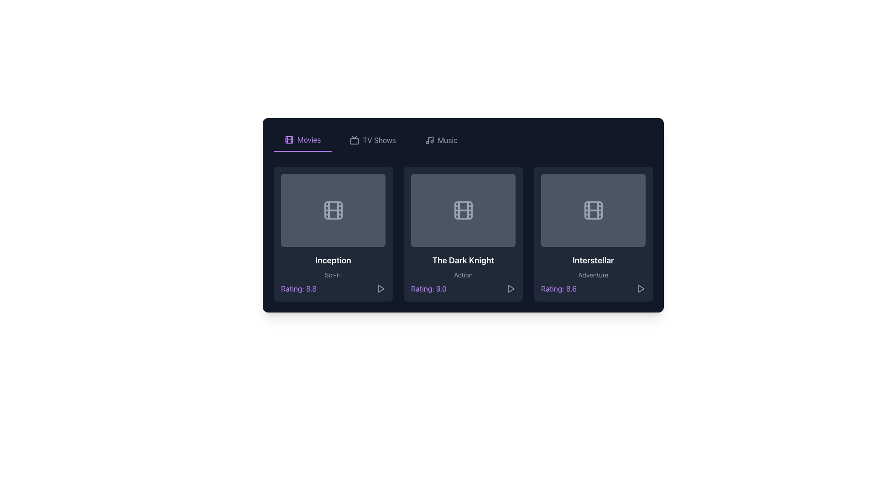  What do you see at coordinates (463, 140) in the screenshot?
I see `the Horizontal Navigation Menu` at bounding box center [463, 140].